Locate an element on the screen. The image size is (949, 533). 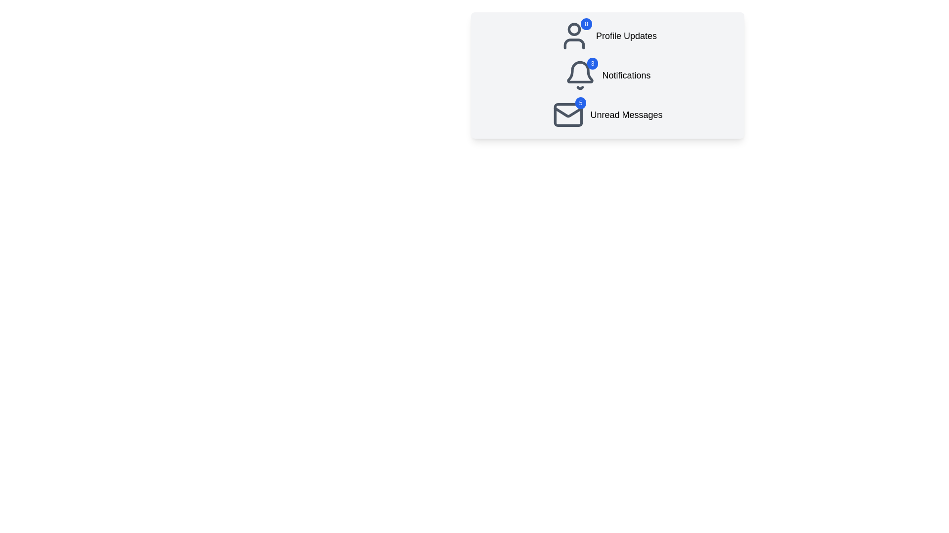
decorative rectangular shape within the user profile icon located in the torso area of the icon for debugging purposes is located at coordinates (574, 43).